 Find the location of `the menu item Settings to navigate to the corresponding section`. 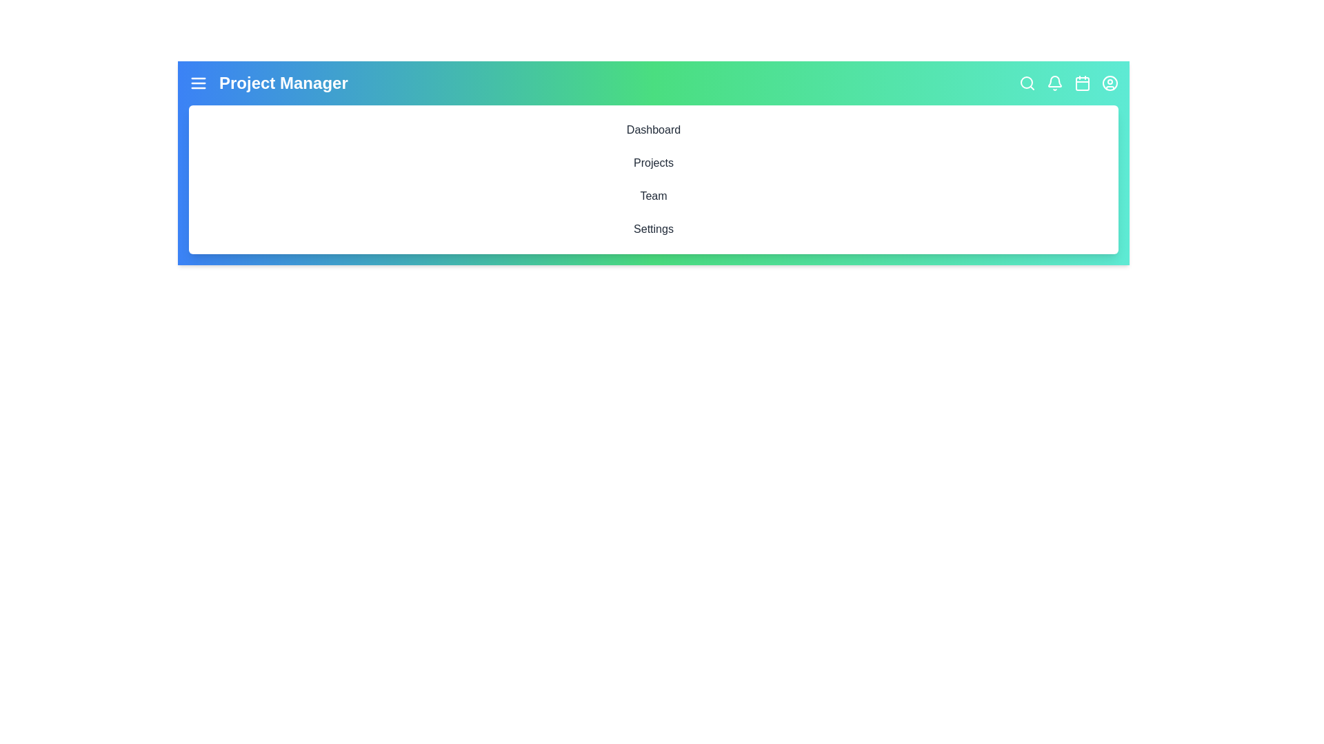

the menu item Settings to navigate to the corresponding section is located at coordinates (653, 228).